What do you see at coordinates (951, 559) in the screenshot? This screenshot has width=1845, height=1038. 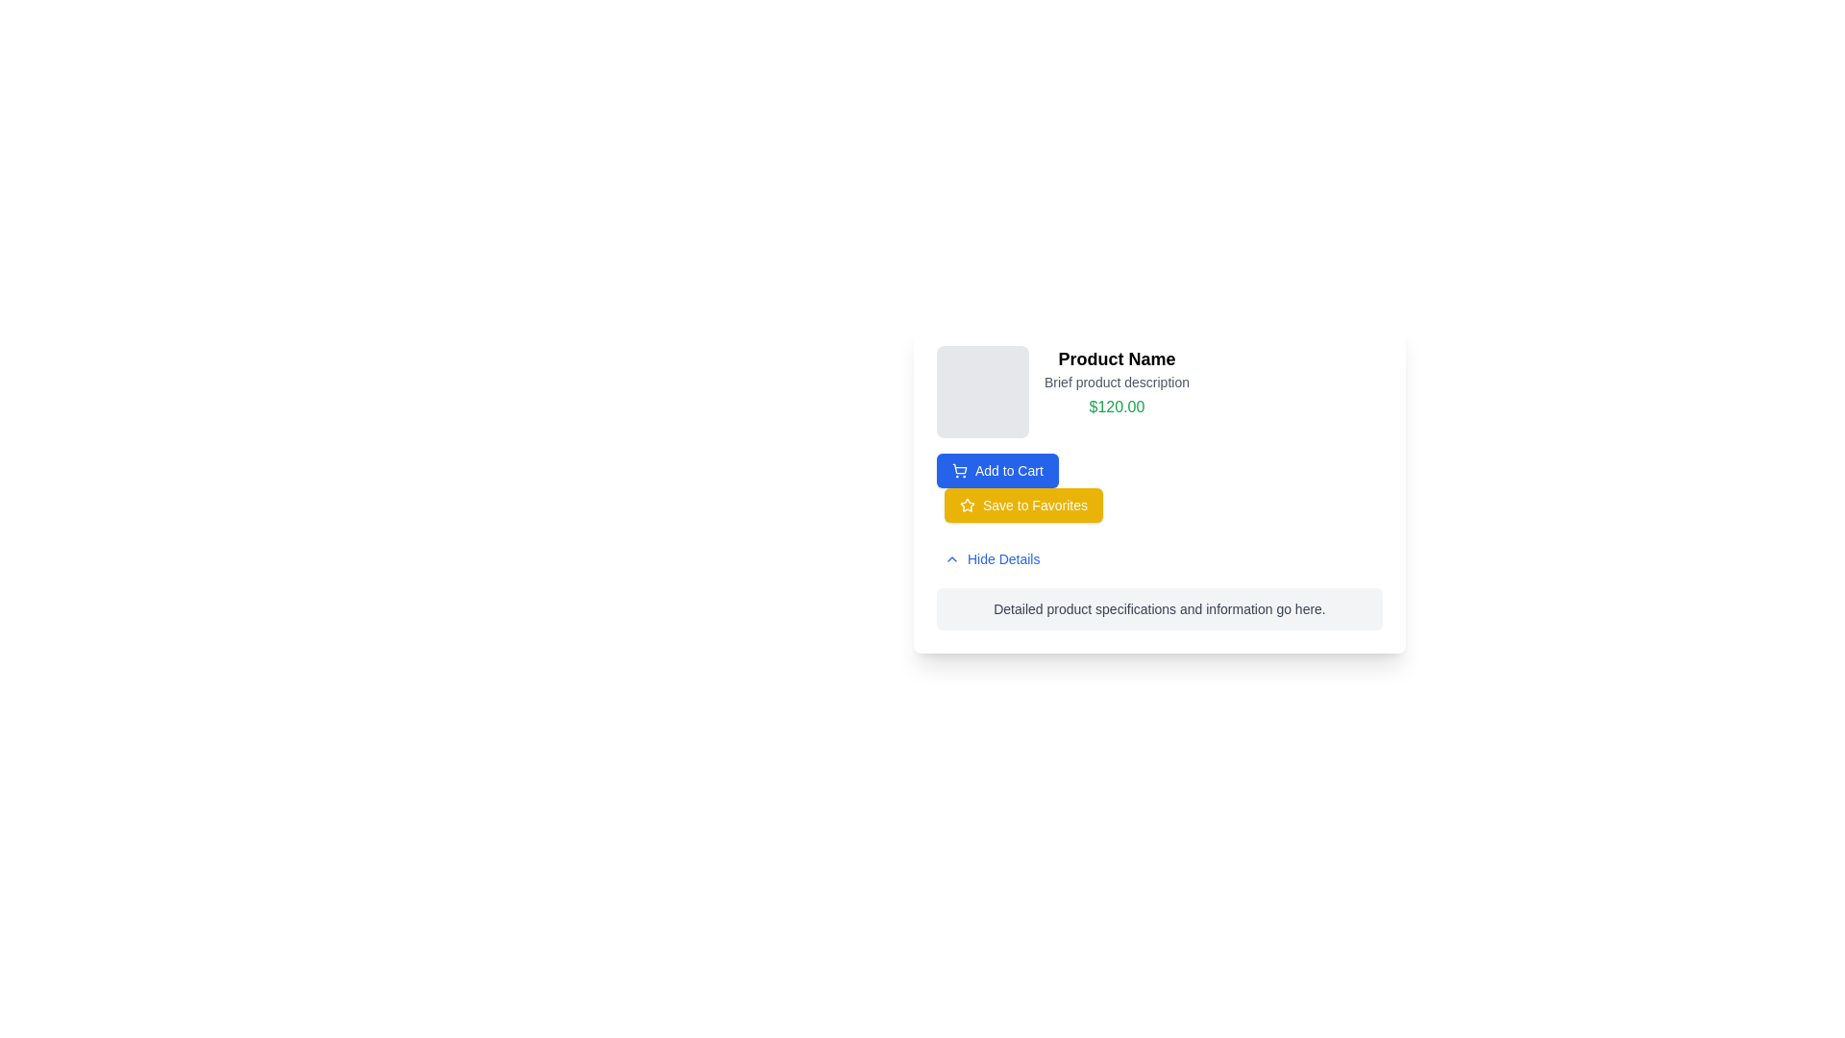 I see `the indicator icon located to the right of the 'Hide Details' text` at bounding box center [951, 559].